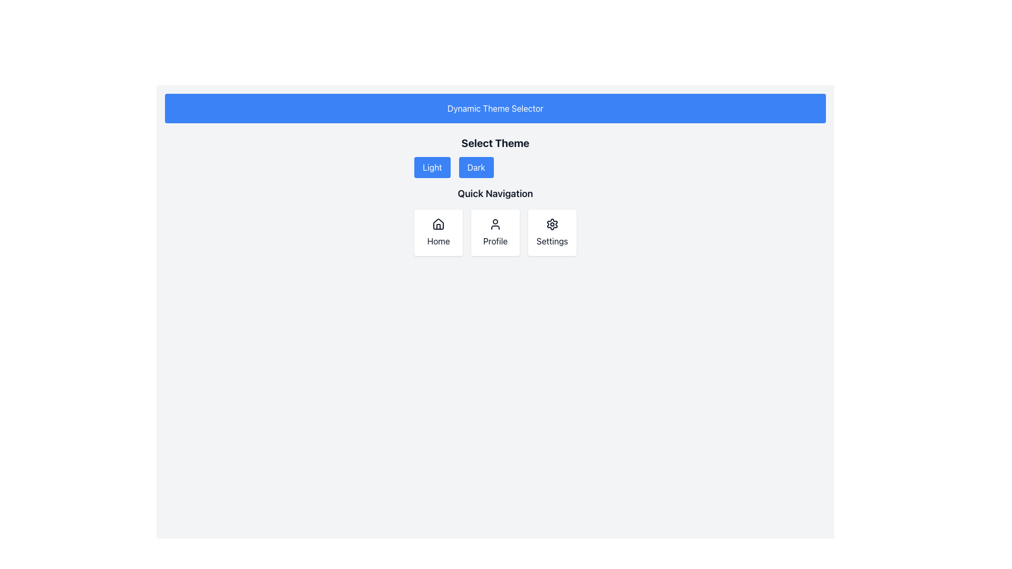 The height and width of the screenshot is (569, 1012). Describe the element at coordinates (439, 223) in the screenshot. I see `house-shaped icon outlined in dark tones, located in the 'Home' card, the first card on the left among three horizontally aligned cards labeled 'Home', 'Profile', and 'Settings'` at that location.